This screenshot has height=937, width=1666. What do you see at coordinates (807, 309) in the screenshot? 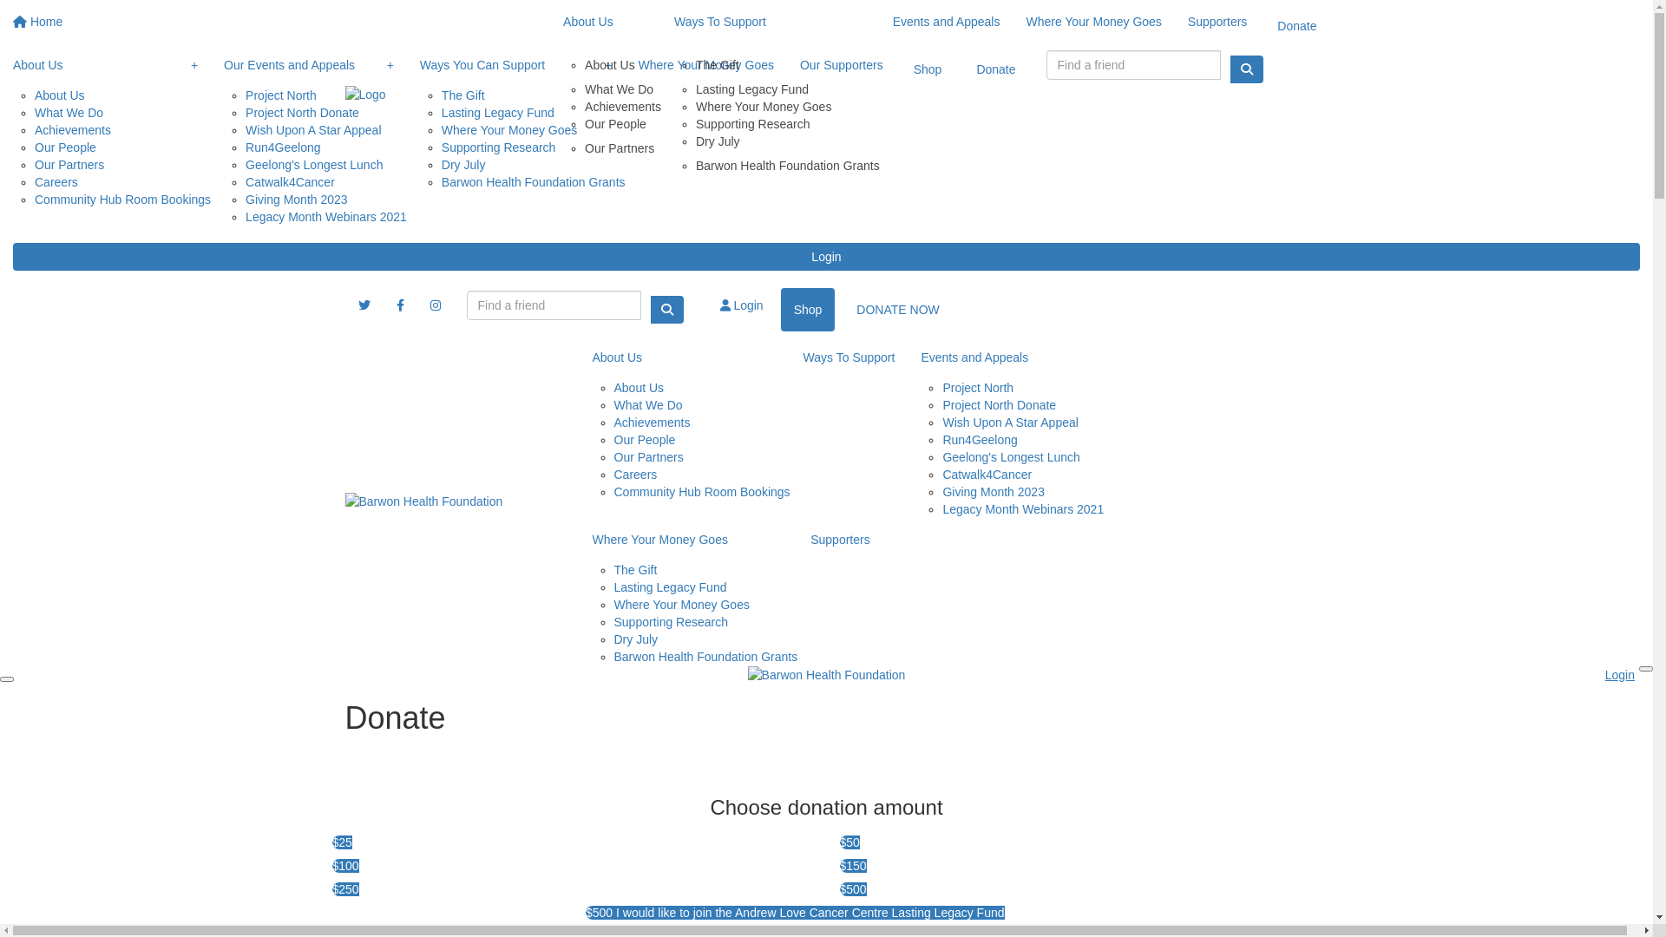
I see `'Shop'` at bounding box center [807, 309].